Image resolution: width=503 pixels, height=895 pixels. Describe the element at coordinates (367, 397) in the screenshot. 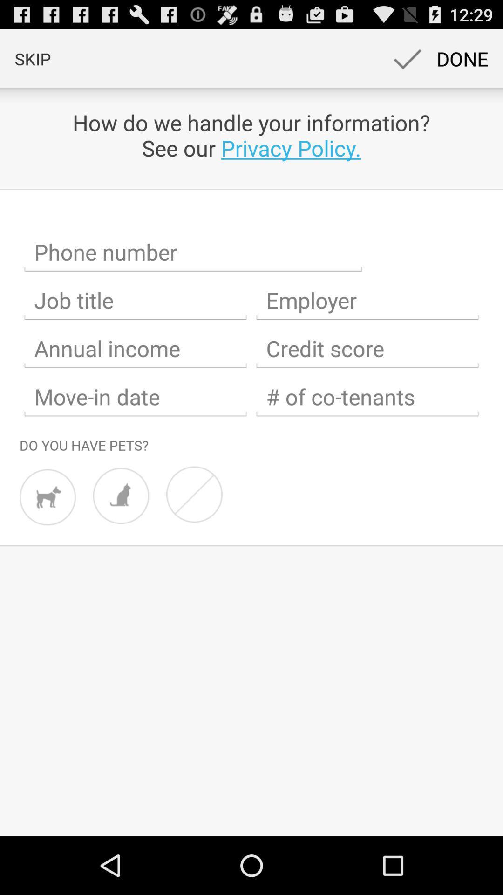

I see `input number of co-tenants` at that location.